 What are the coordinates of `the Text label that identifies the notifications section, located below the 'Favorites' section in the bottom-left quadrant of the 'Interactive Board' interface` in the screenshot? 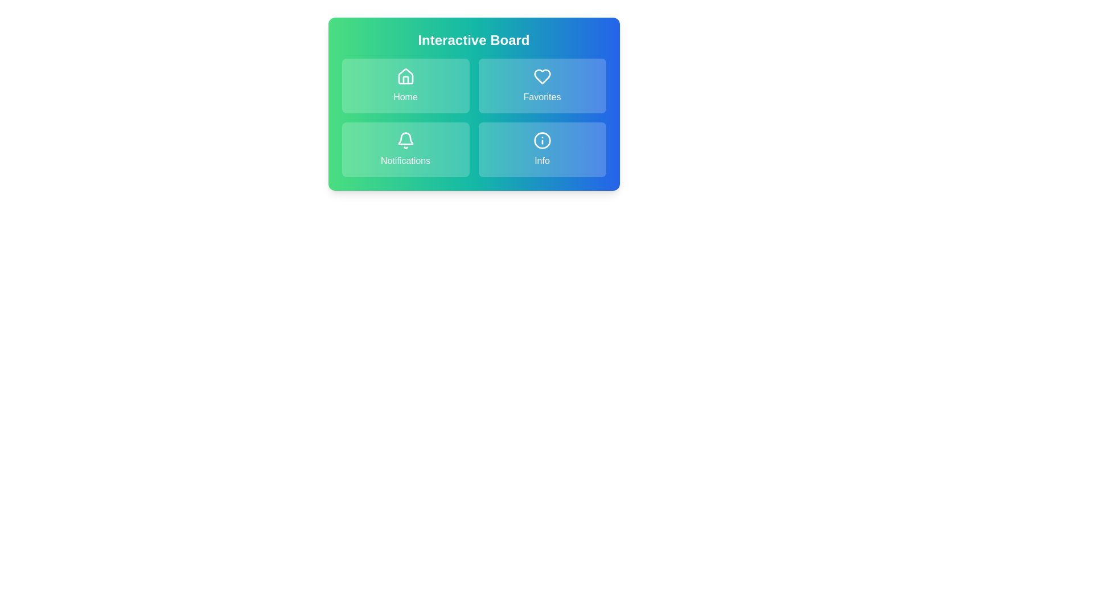 It's located at (405, 161).